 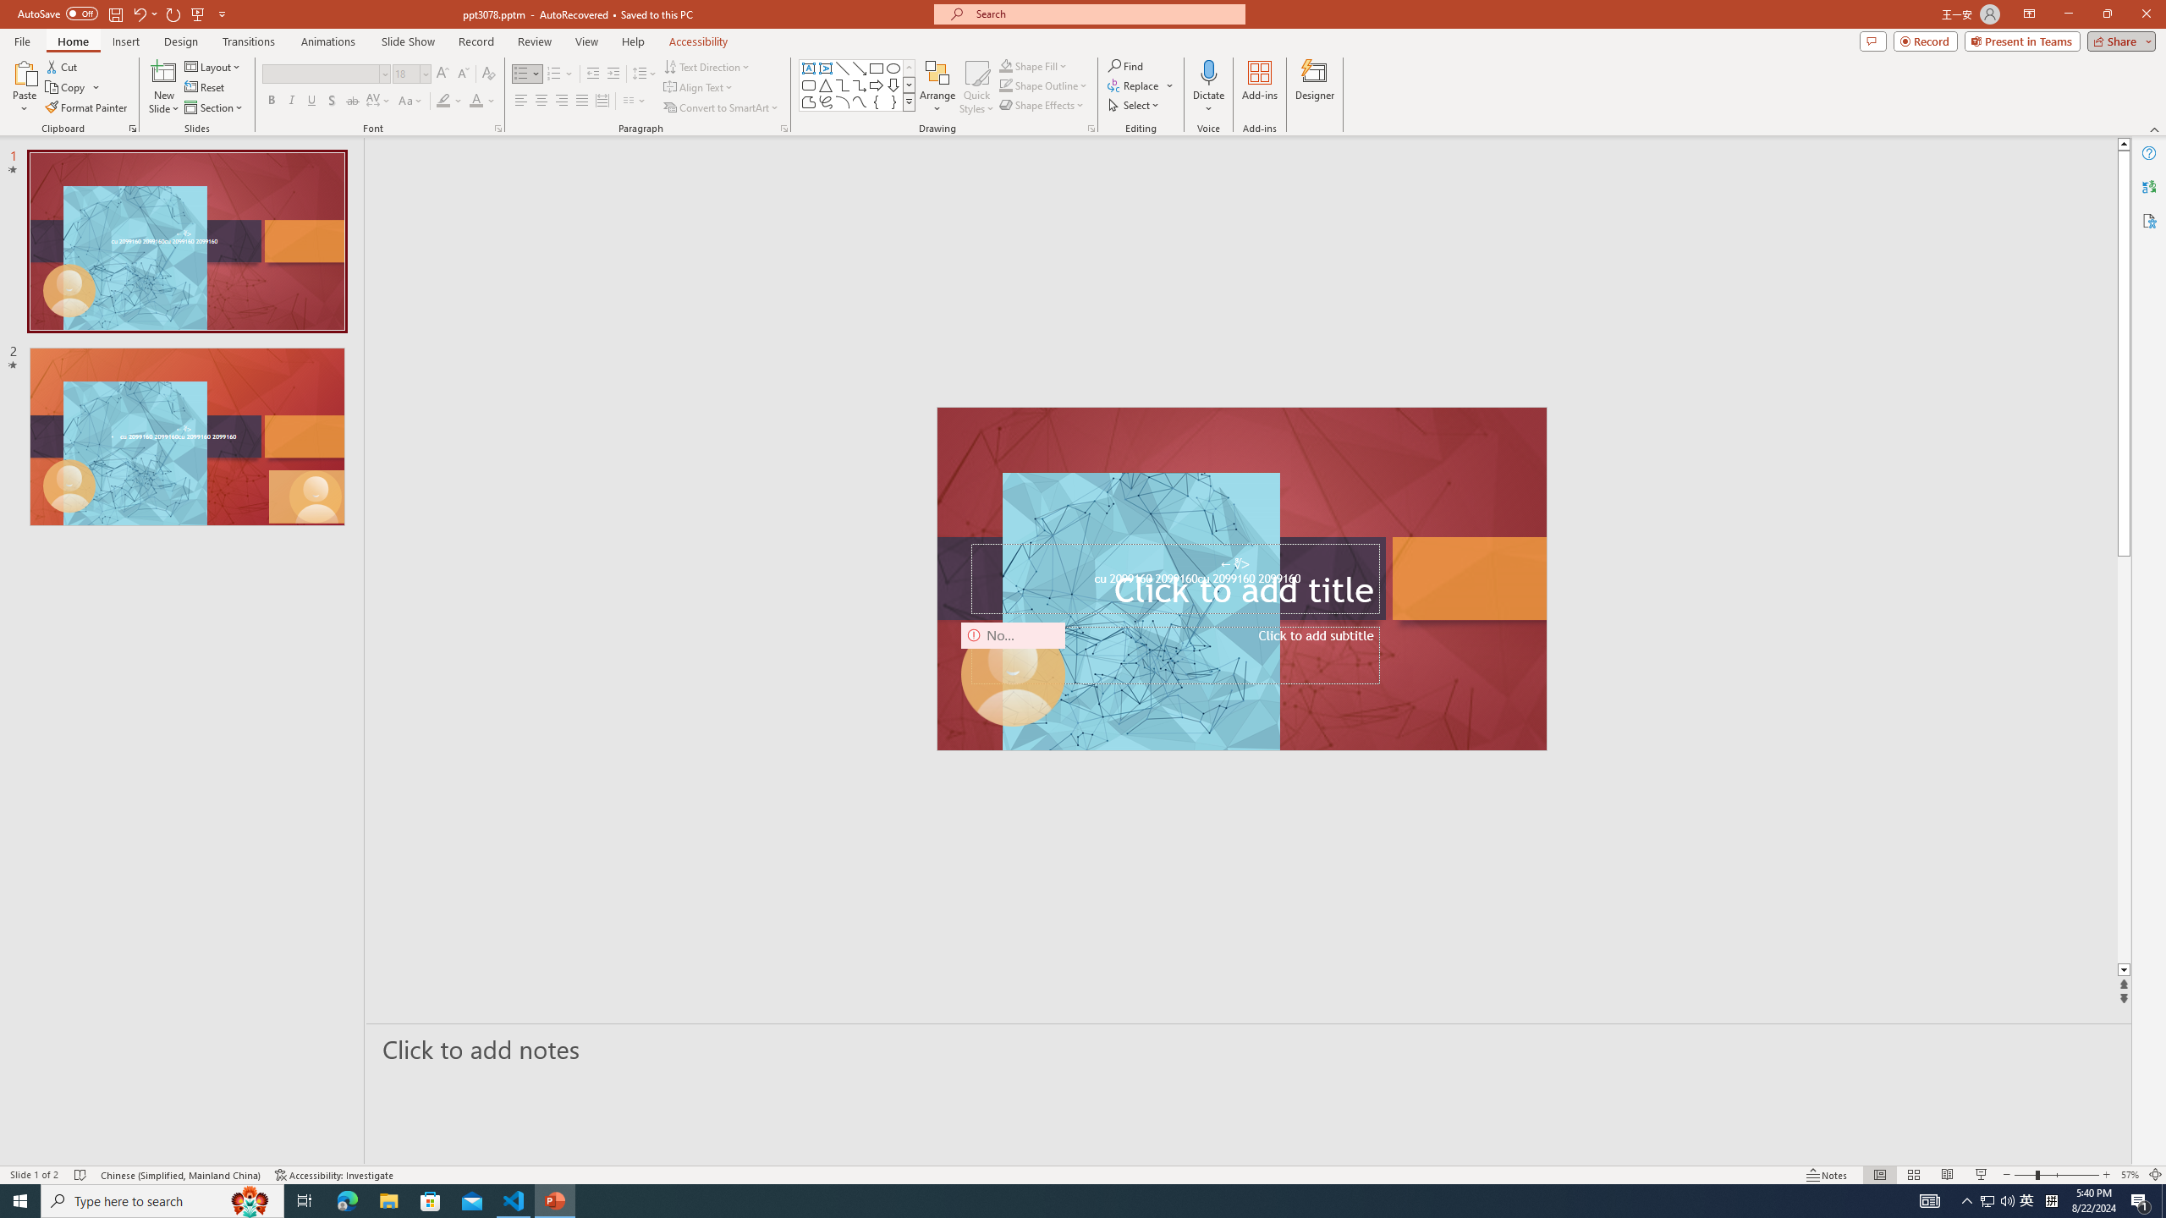 I want to click on 'Find...', so click(x=1125, y=65).